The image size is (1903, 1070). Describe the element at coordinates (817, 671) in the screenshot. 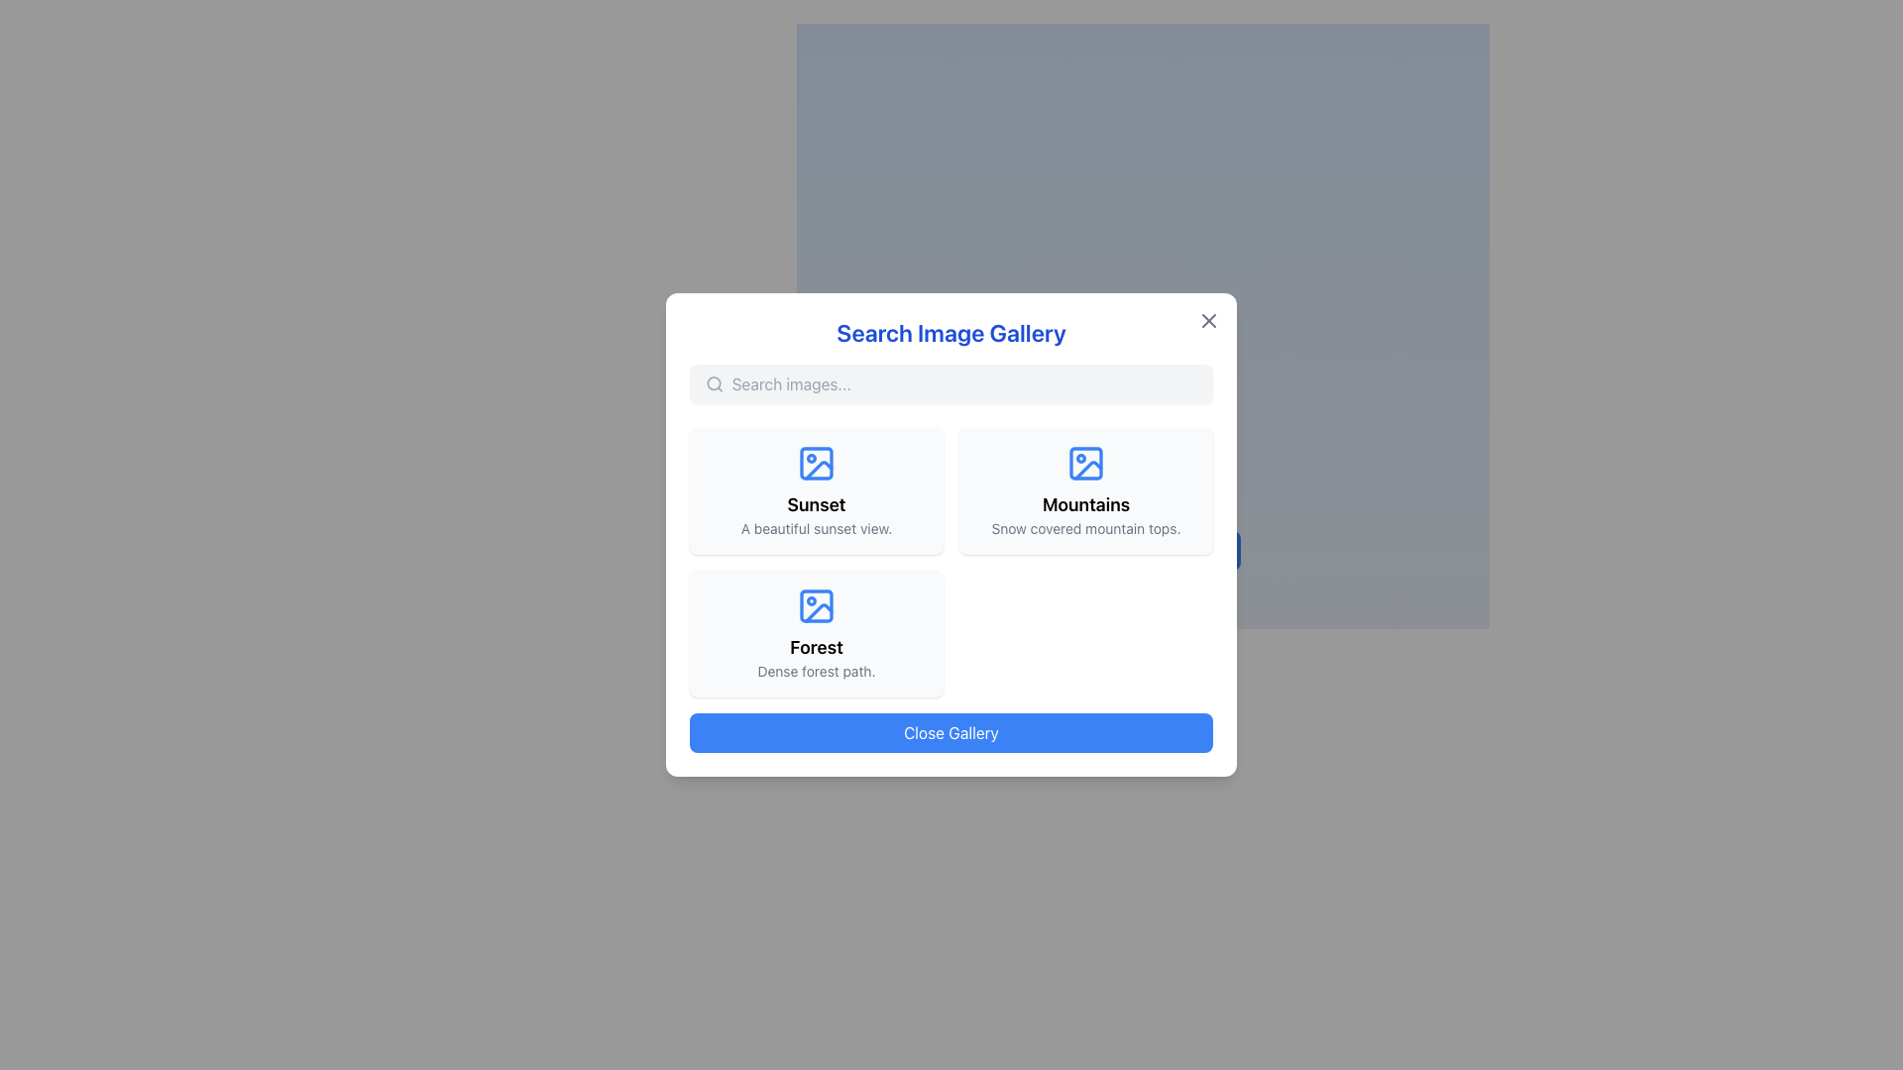

I see `the descriptive caption text located at the bottom of the 'Forest' card in the 'Search Image Gallery' interface` at that location.